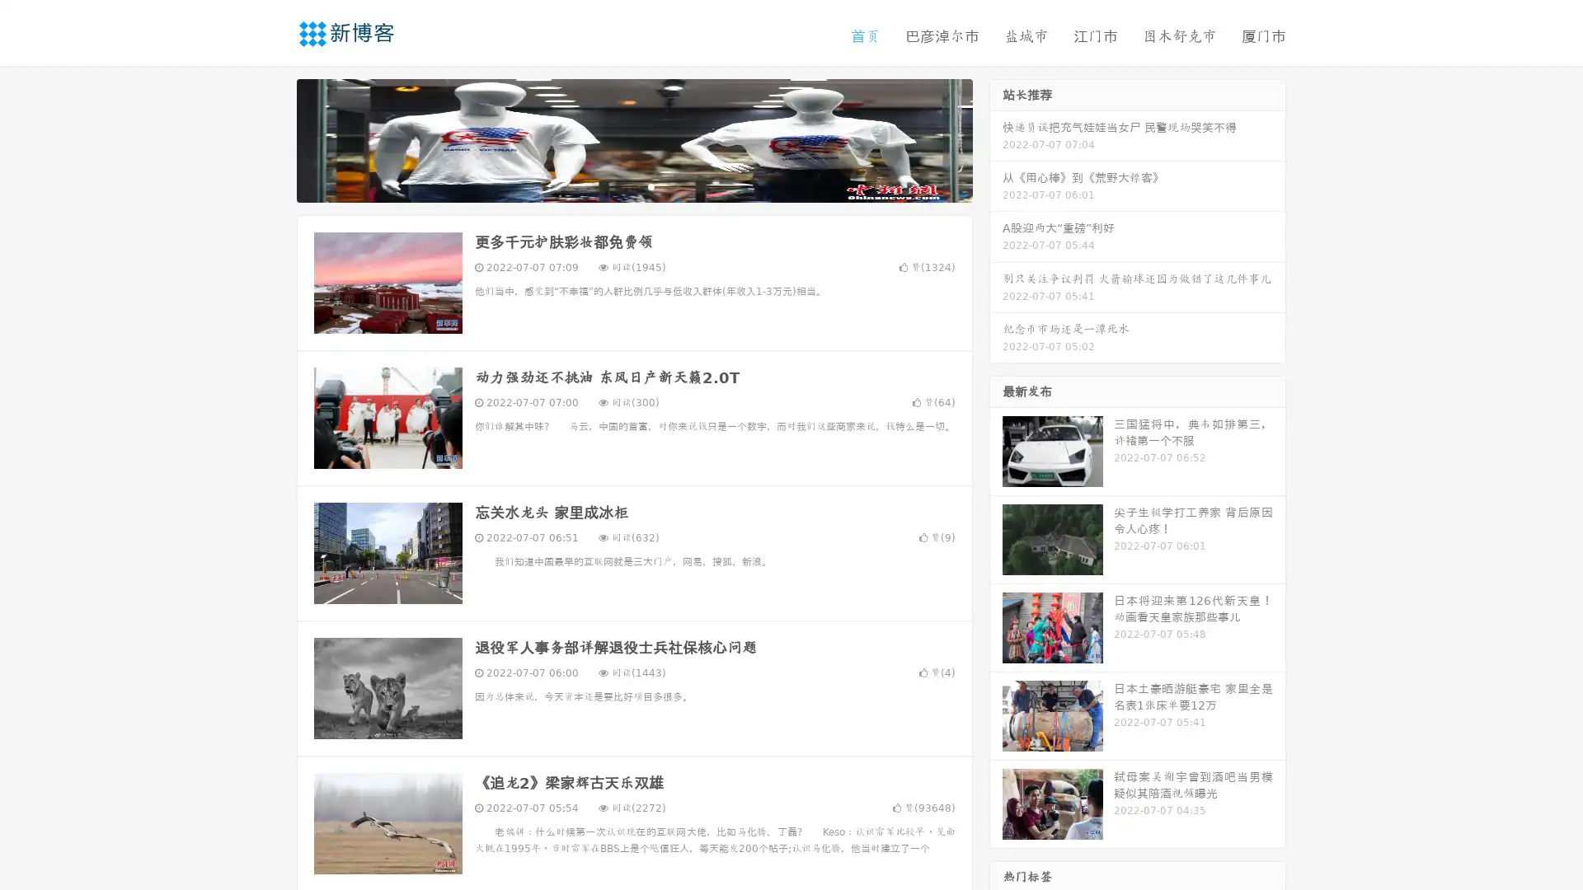  I want to click on Go to slide 2, so click(633, 185).